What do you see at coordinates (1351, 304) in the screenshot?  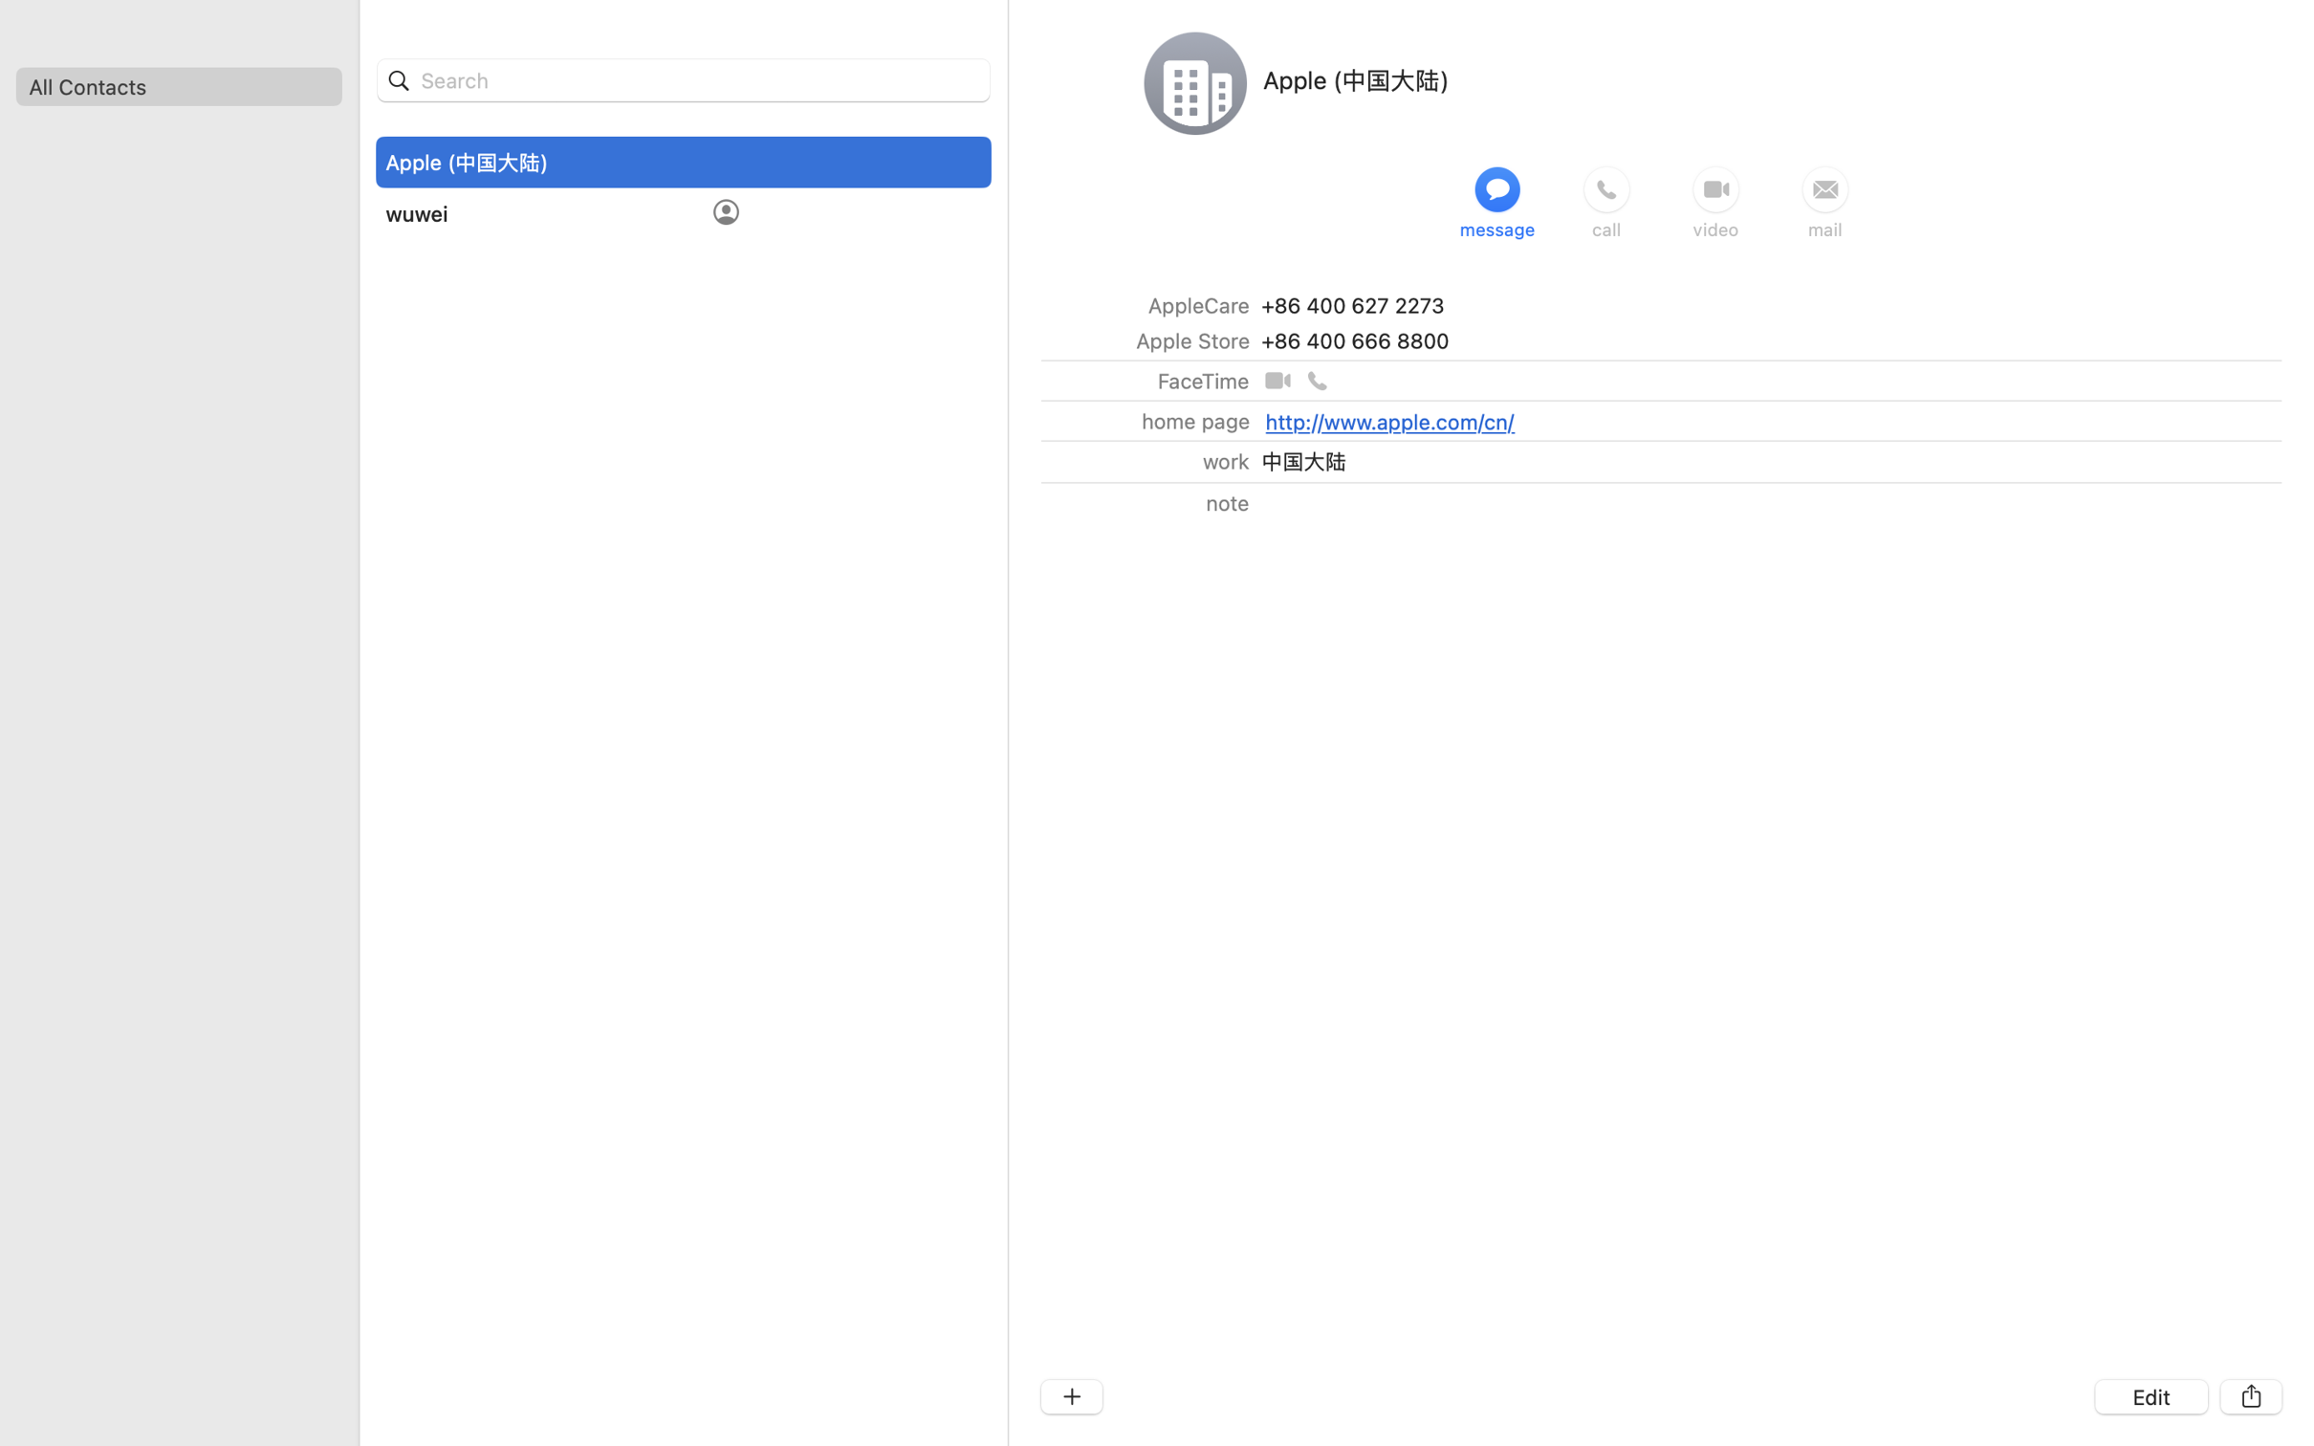 I see `'‭+86 400 627 2273‬'` at bounding box center [1351, 304].